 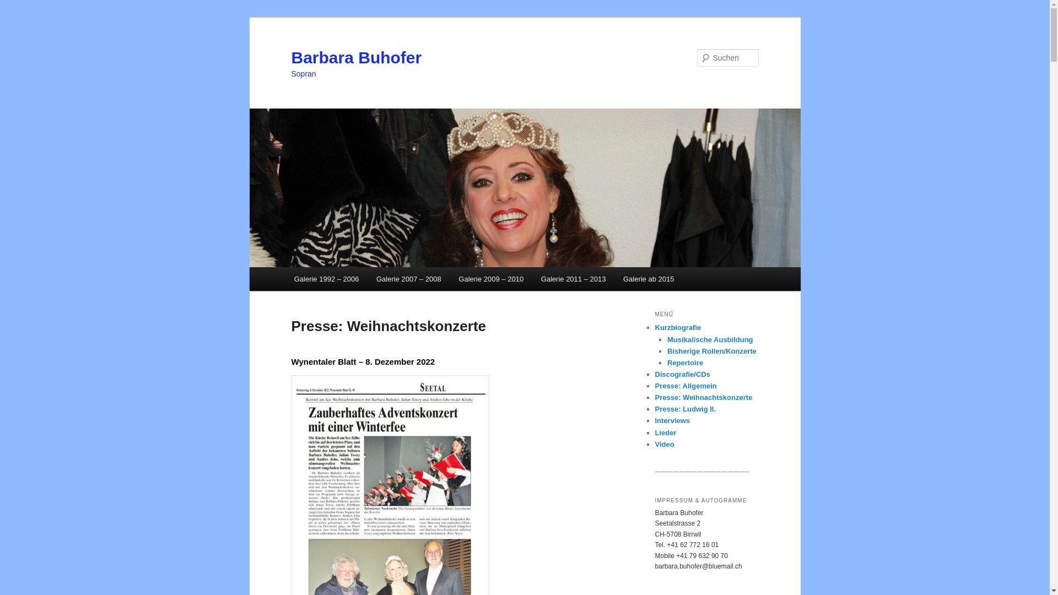 What do you see at coordinates (684, 385) in the screenshot?
I see `'Presse: Allgemein'` at bounding box center [684, 385].